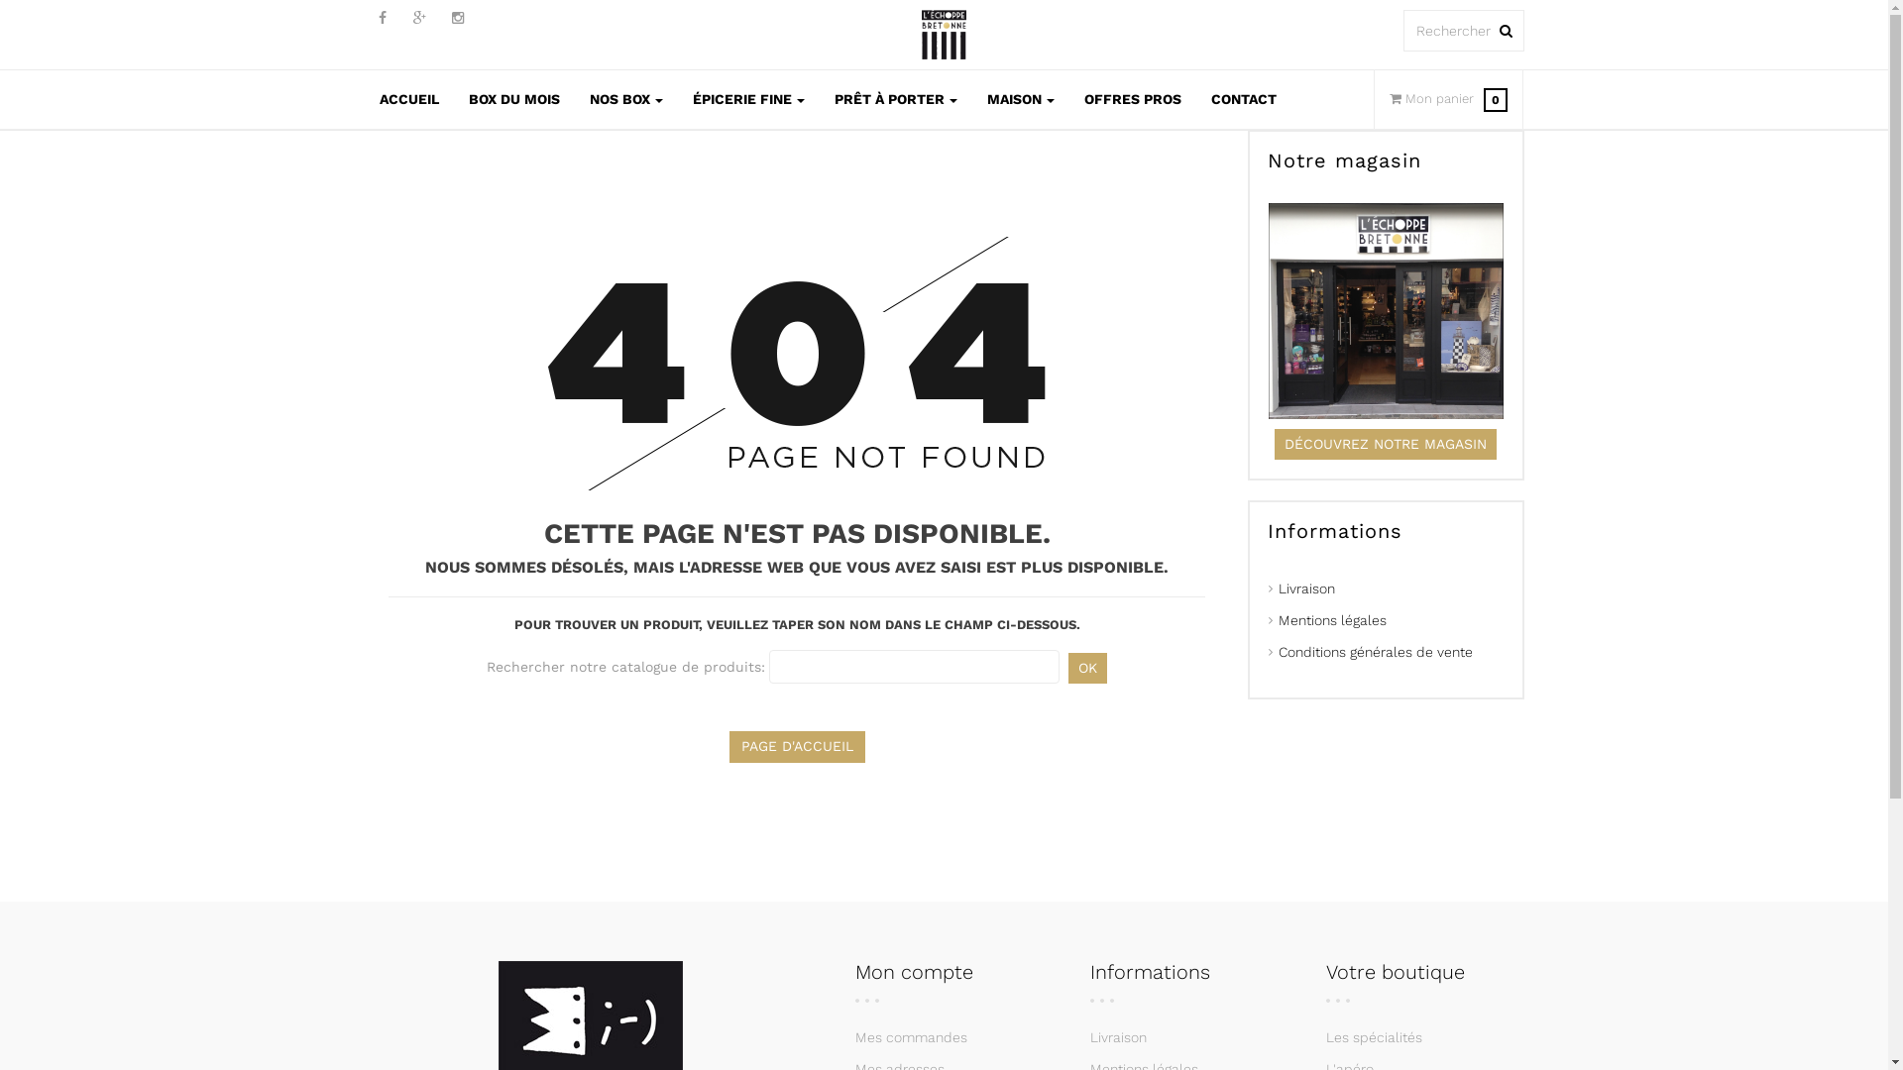 Image resolution: width=1903 pixels, height=1070 pixels. Describe the element at coordinates (625, 99) in the screenshot. I see `'NOS BOX'` at that location.